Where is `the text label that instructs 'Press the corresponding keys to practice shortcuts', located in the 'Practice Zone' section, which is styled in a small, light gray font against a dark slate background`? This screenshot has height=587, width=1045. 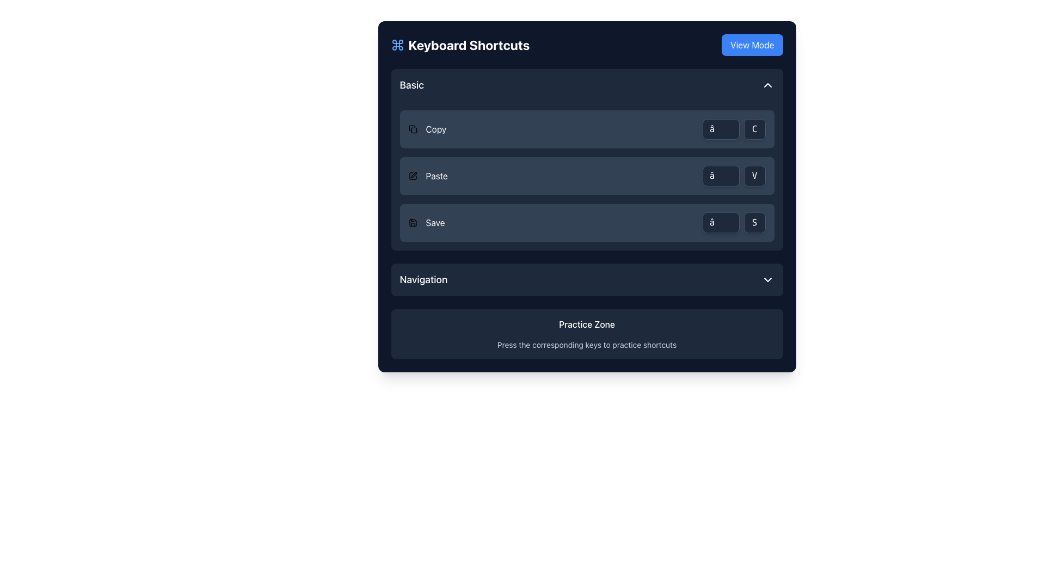
the text label that instructs 'Press the corresponding keys to practice shortcuts', located in the 'Practice Zone' section, which is styled in a small, light gray font against a dark slate background is located at coordinates (586, 345).